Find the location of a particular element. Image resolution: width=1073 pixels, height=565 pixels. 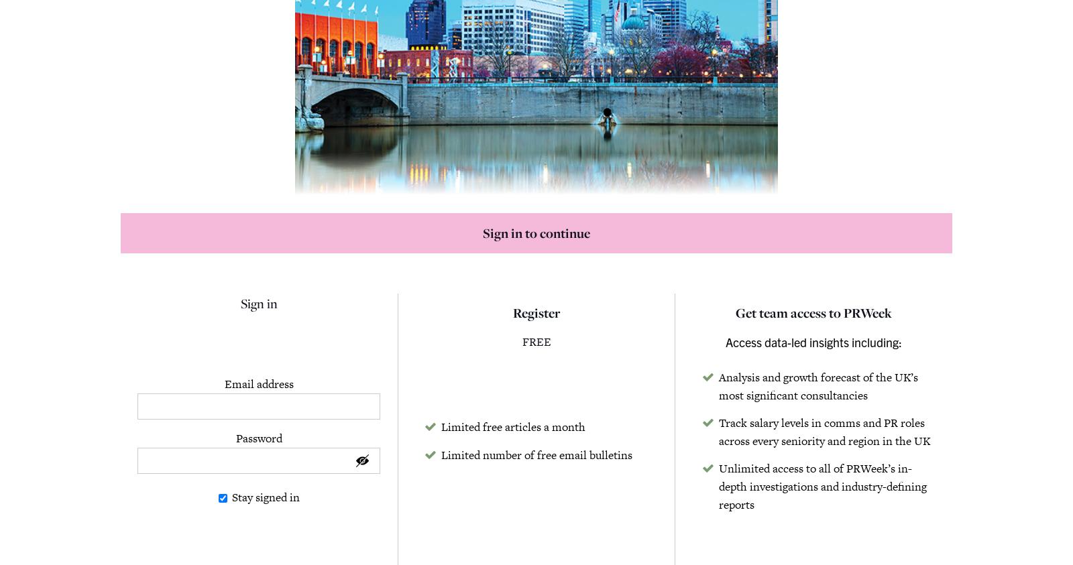

'Email address' is located at coordinates (223, 383).